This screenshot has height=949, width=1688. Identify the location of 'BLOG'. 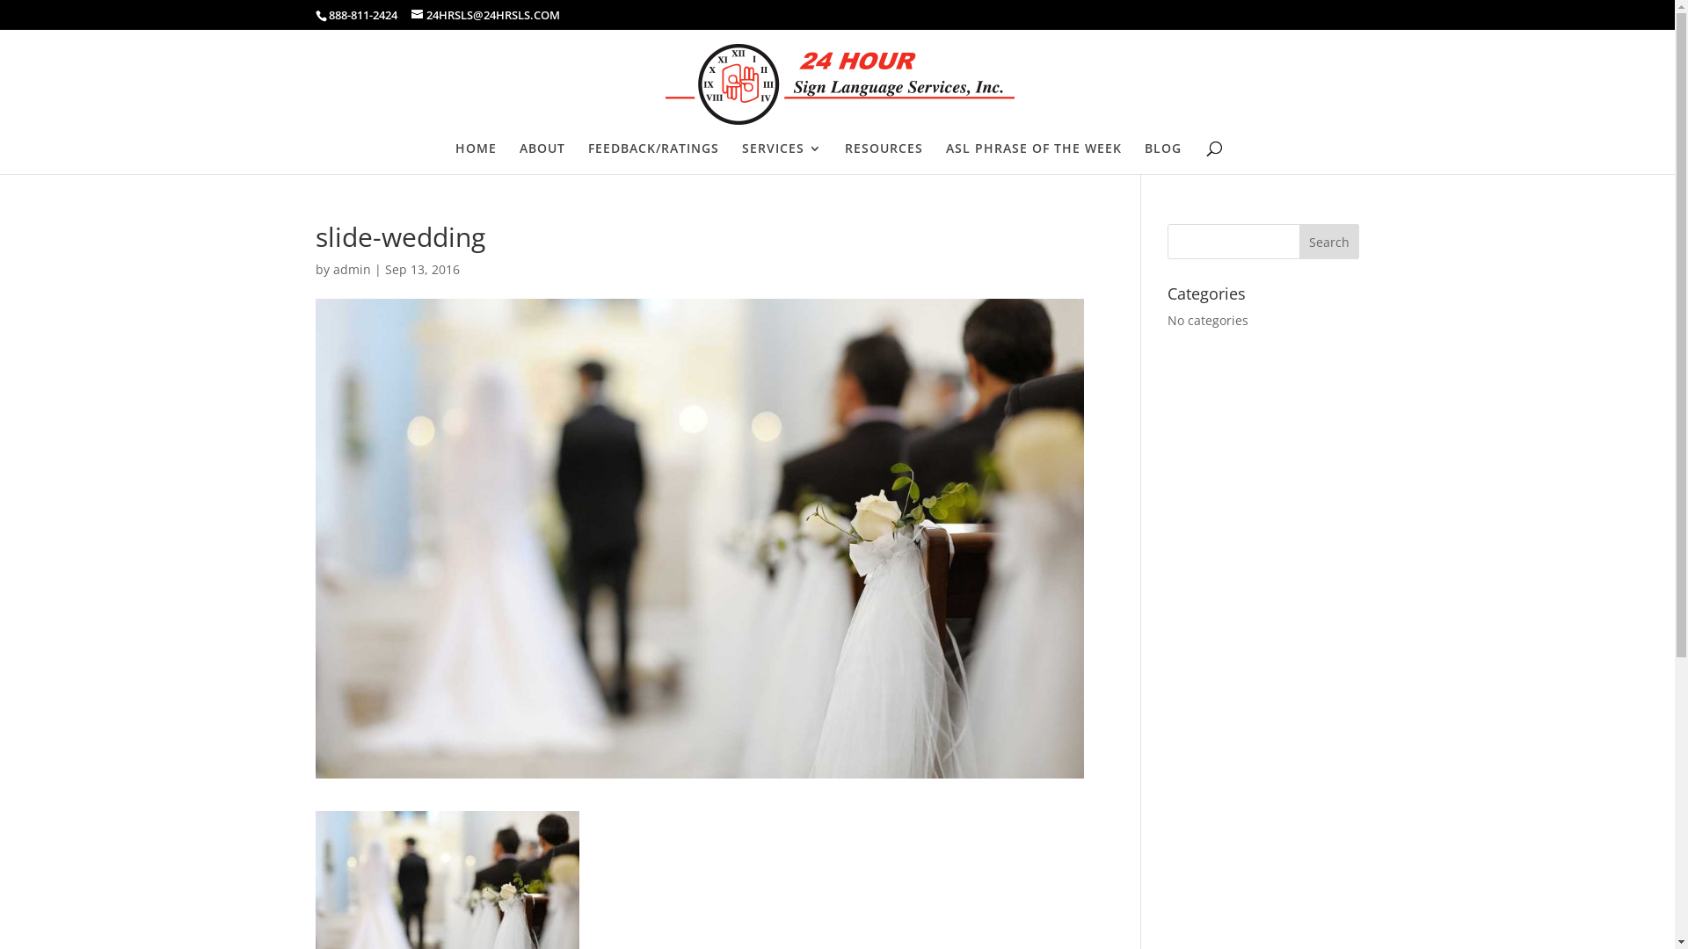
(1163, 158).